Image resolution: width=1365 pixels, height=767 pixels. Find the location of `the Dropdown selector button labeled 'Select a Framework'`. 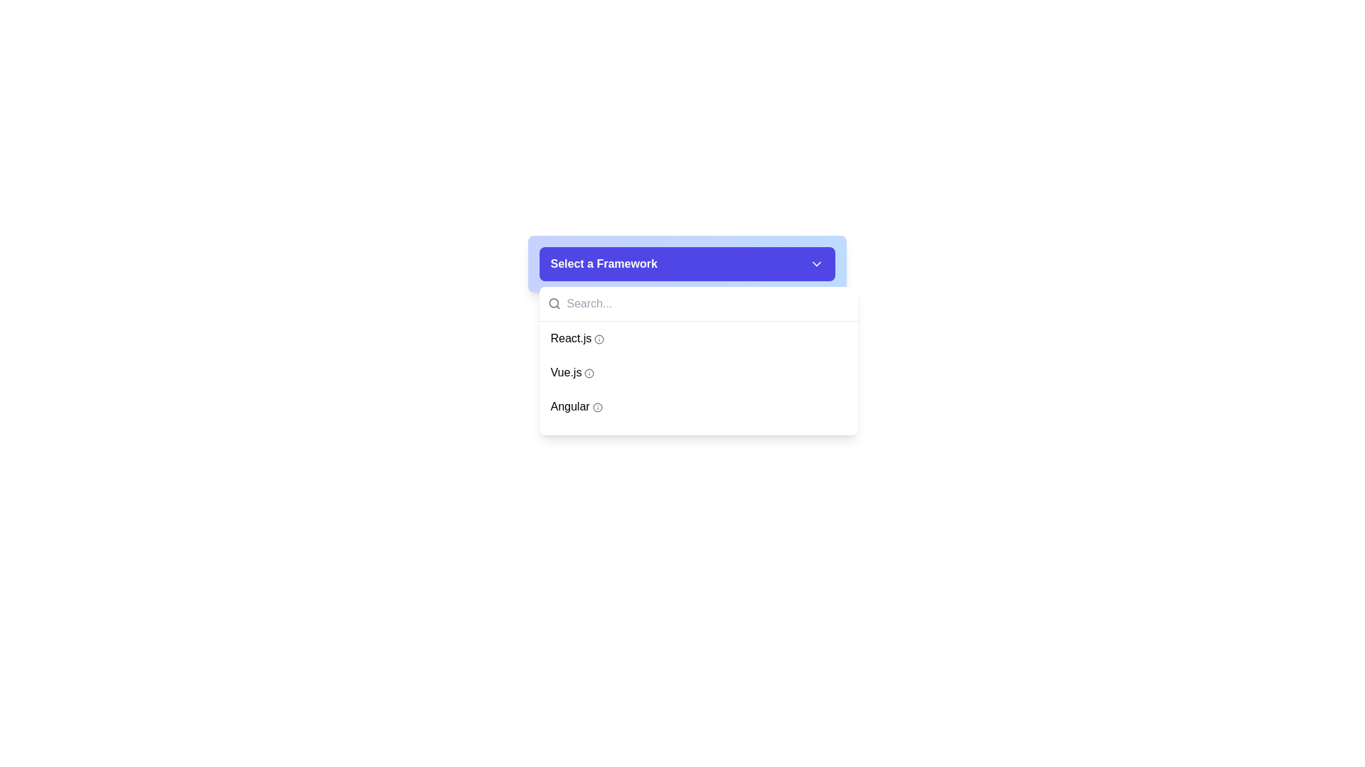

the Dropdown selector button labeled 'Select a Framework' is located at coordinates (687, 263).